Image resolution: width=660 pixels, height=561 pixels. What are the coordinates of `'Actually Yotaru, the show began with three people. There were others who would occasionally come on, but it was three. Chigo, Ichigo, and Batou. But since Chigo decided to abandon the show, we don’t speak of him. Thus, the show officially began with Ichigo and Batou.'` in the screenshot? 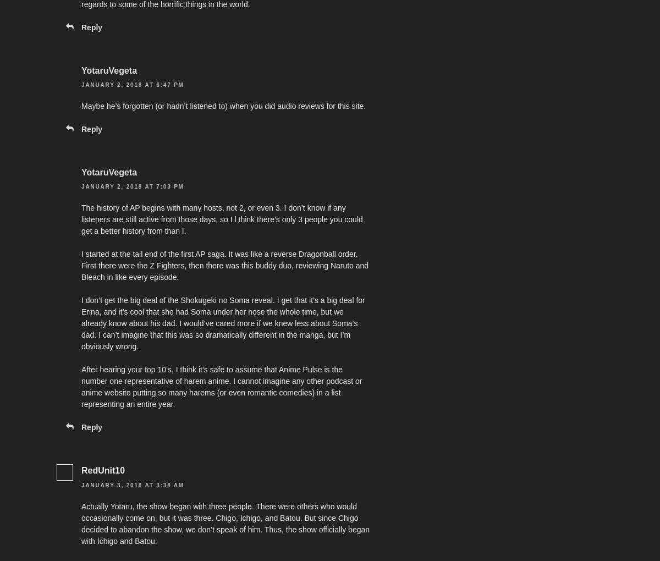 It's located at (226, 522).